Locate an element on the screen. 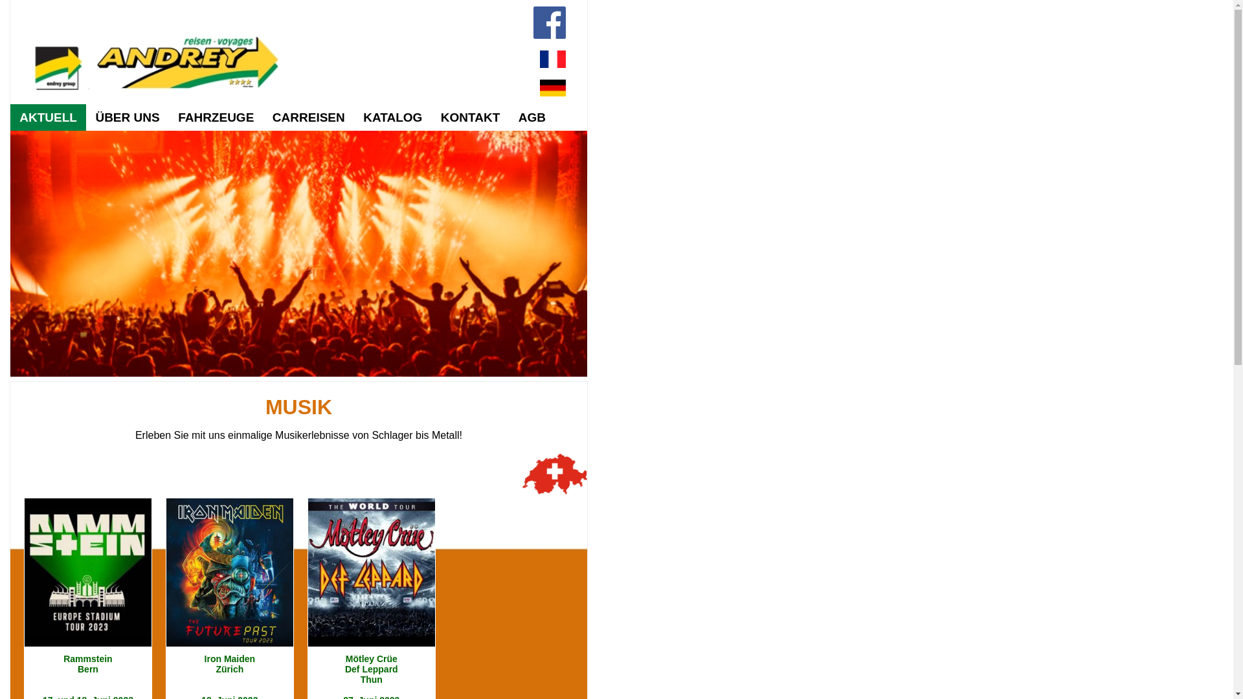 Image resolution: width=1243 pixels, height=699 pixels. 'AKTUELL' is located at coordinates (48, 117).